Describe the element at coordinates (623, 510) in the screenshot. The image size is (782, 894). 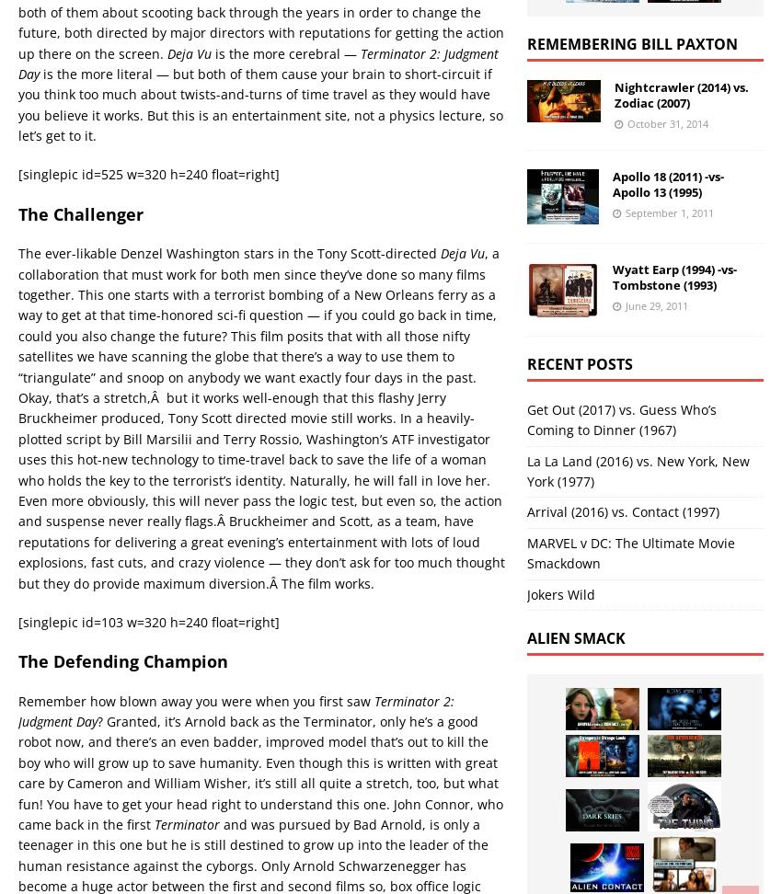
I see `'Arrival (2016) vs. Contact (1997)'` at that location.